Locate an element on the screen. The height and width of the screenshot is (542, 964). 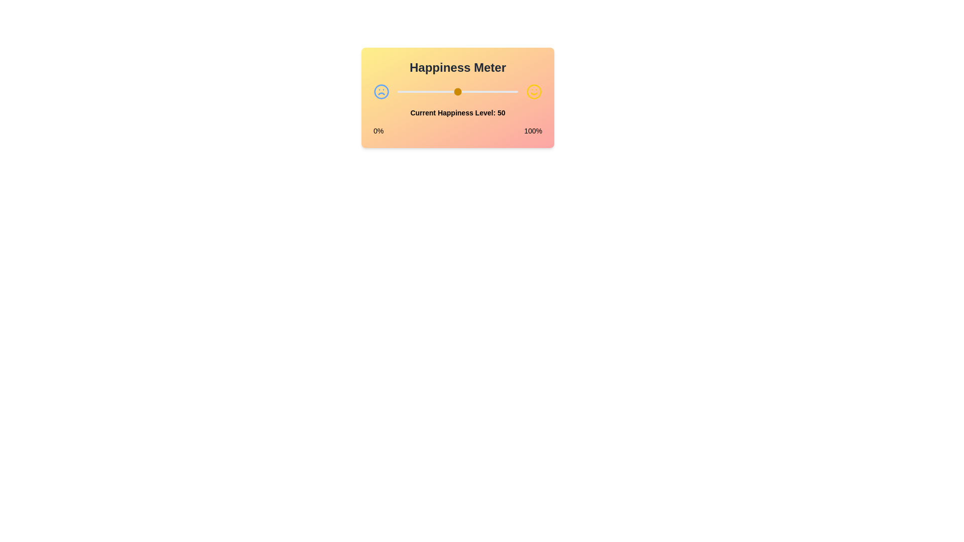
the happiness level to 66 by dragging the slider is located at coordinates (476, 91).